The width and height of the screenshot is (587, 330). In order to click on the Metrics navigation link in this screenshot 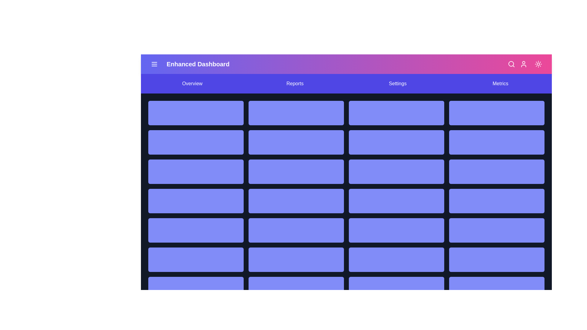, I will do `click(500, 83)`.